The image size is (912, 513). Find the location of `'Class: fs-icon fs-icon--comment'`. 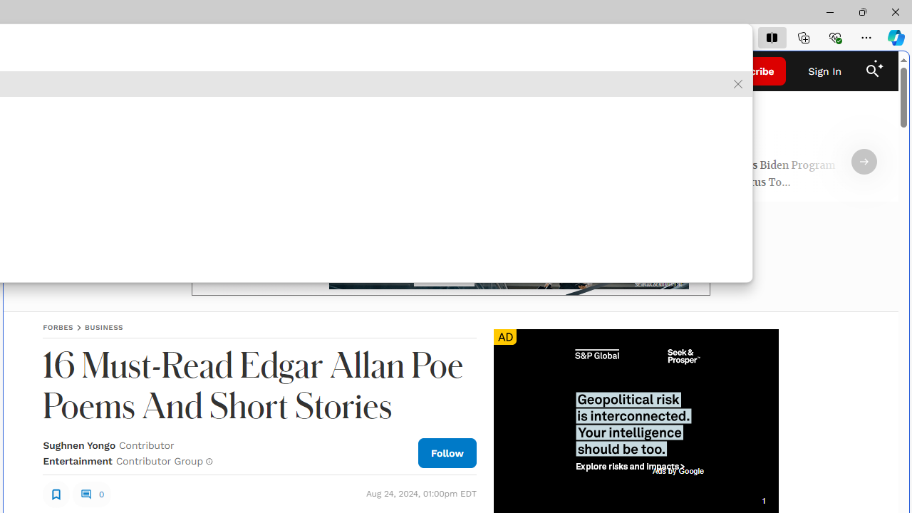

'Class: fs-icon fs-icon--comment' is located at coordinates (85, 493).